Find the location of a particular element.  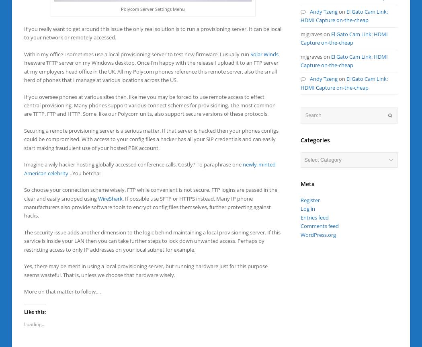

'If you oversee phones at various sites then, like me you may be forced to use remote access to effect central provisioning. Many phones support various connect schemes for provisioning. The most common are TFTP, FTP and HTTP. Some, like our Polycom units, also support secure versions of these protocols.' is located at coordinates (149, 105).